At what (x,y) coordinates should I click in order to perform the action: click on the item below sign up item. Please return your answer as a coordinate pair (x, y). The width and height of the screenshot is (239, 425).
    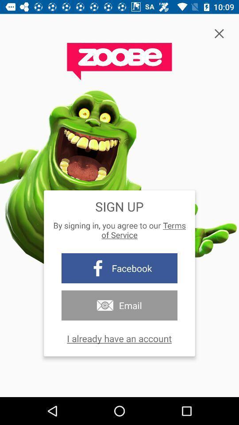
    Looking at the image, I should click on (119, 229).